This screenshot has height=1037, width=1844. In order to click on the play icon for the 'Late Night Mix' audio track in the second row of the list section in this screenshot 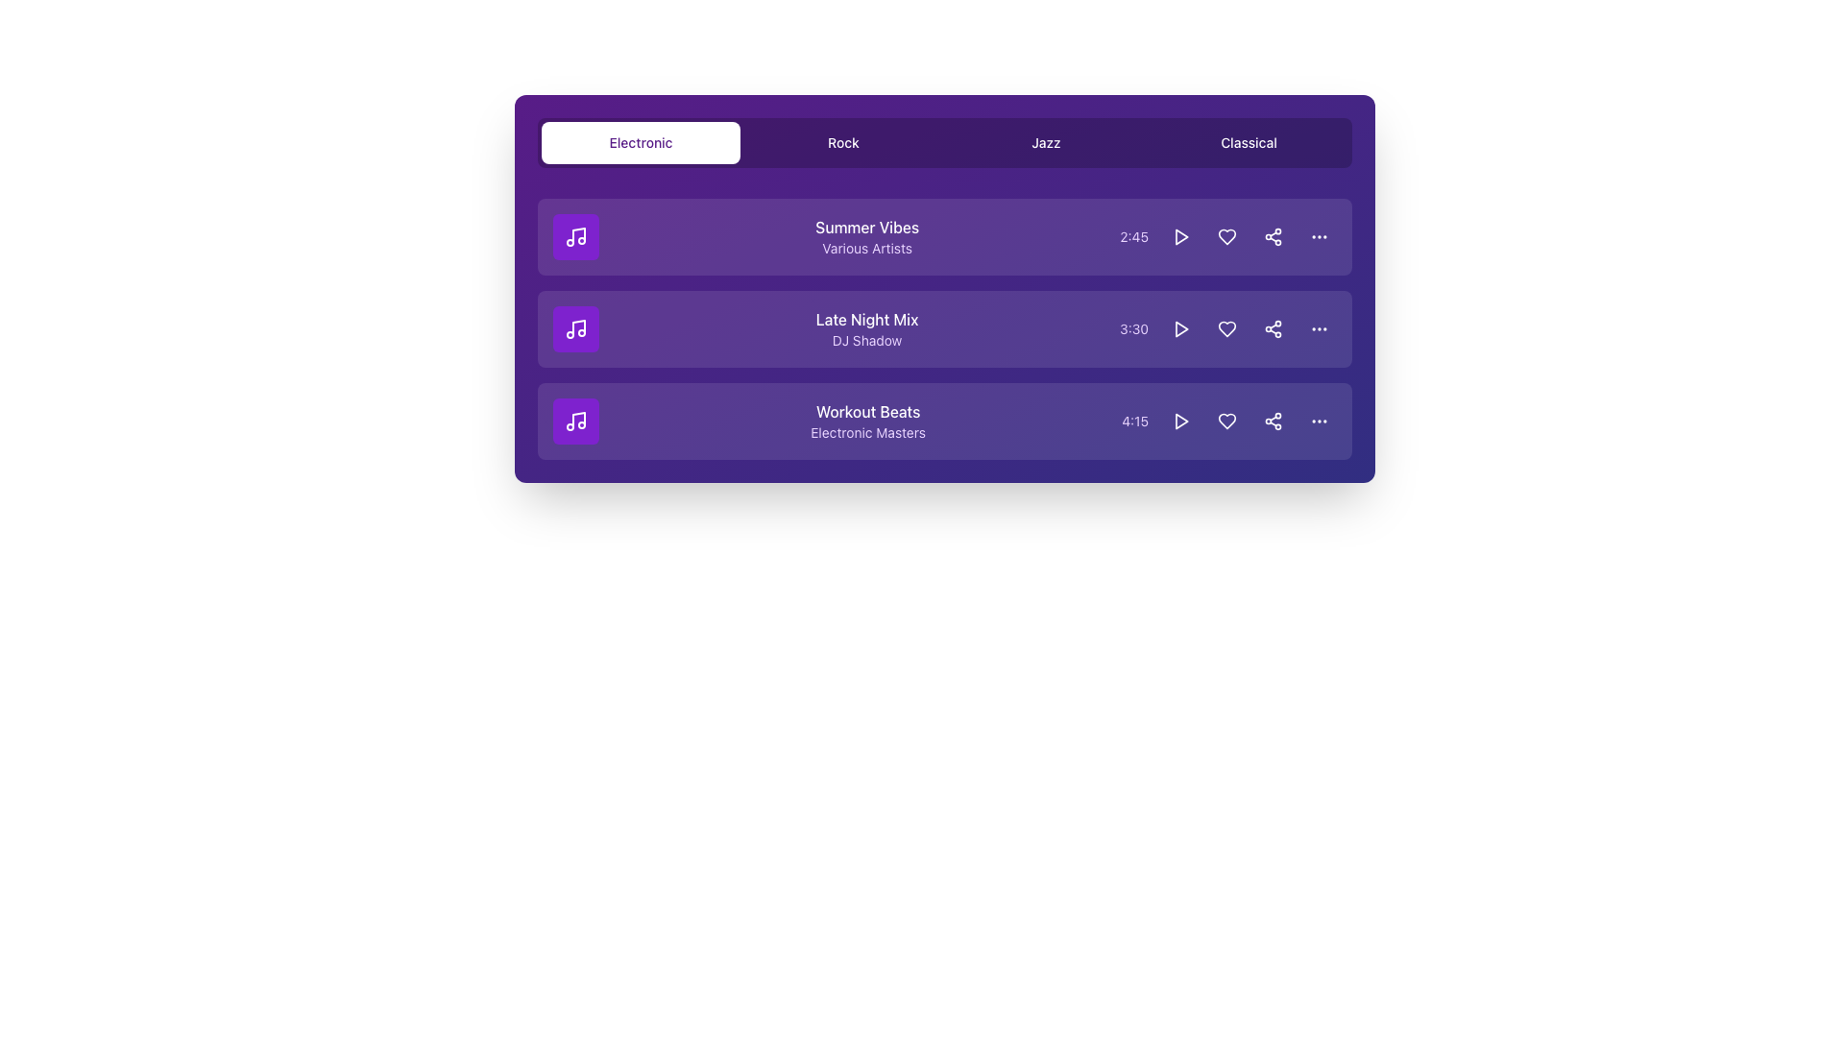, I will do `click(1180, 328)`.